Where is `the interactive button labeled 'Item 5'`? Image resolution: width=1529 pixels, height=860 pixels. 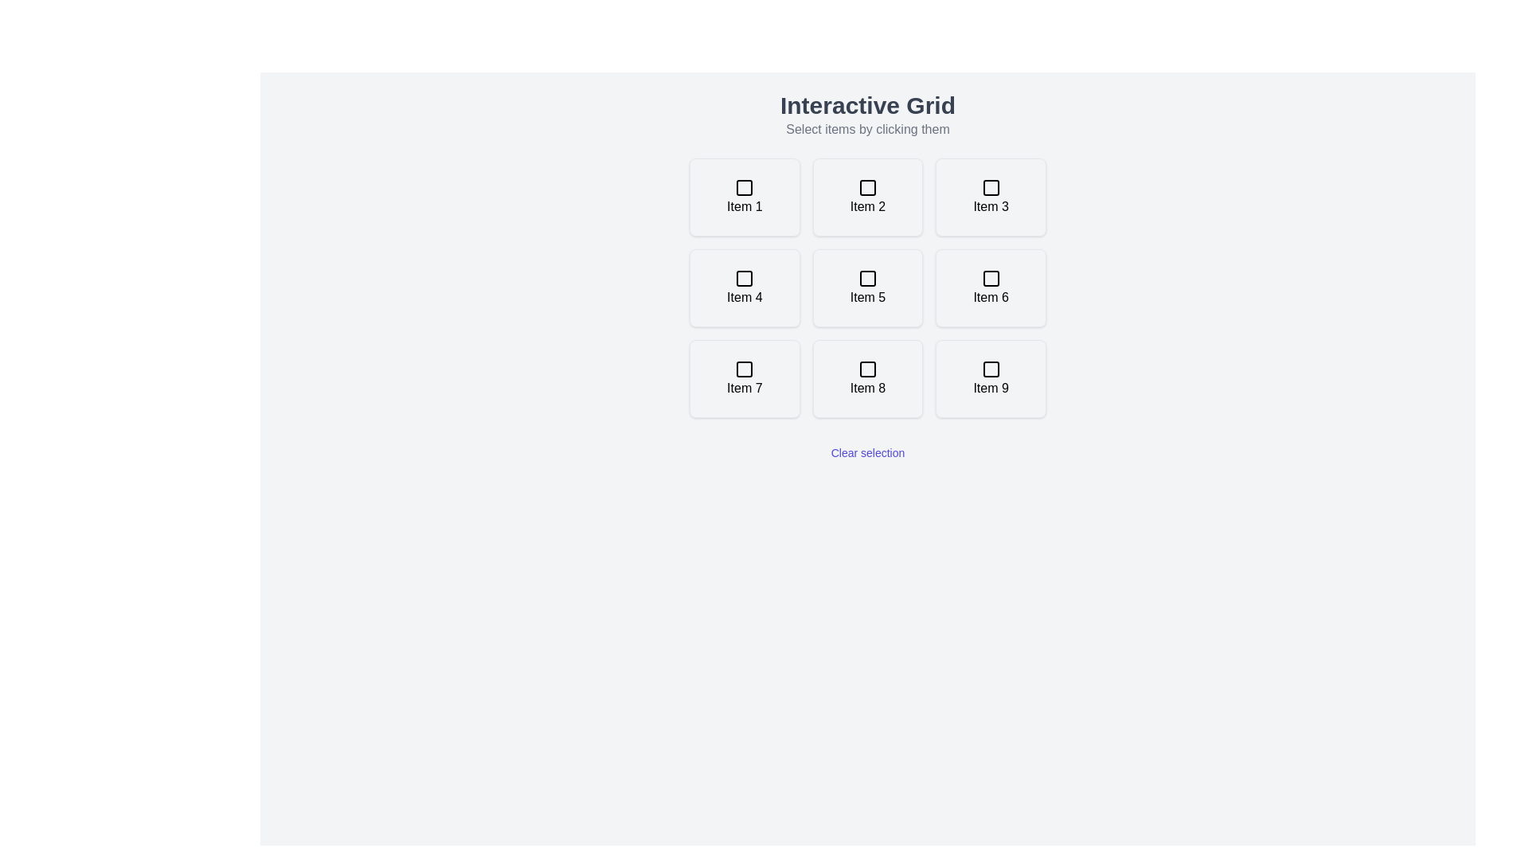 the interactive button labeled 'Item 5' is located at coordinates (866, 288).